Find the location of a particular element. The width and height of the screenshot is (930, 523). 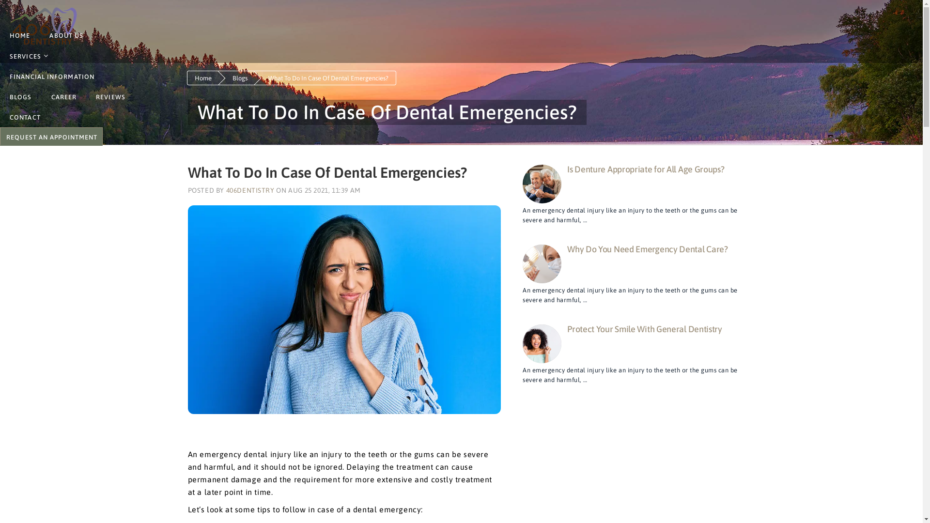

'HOME' is located at coordinates (20, 35).